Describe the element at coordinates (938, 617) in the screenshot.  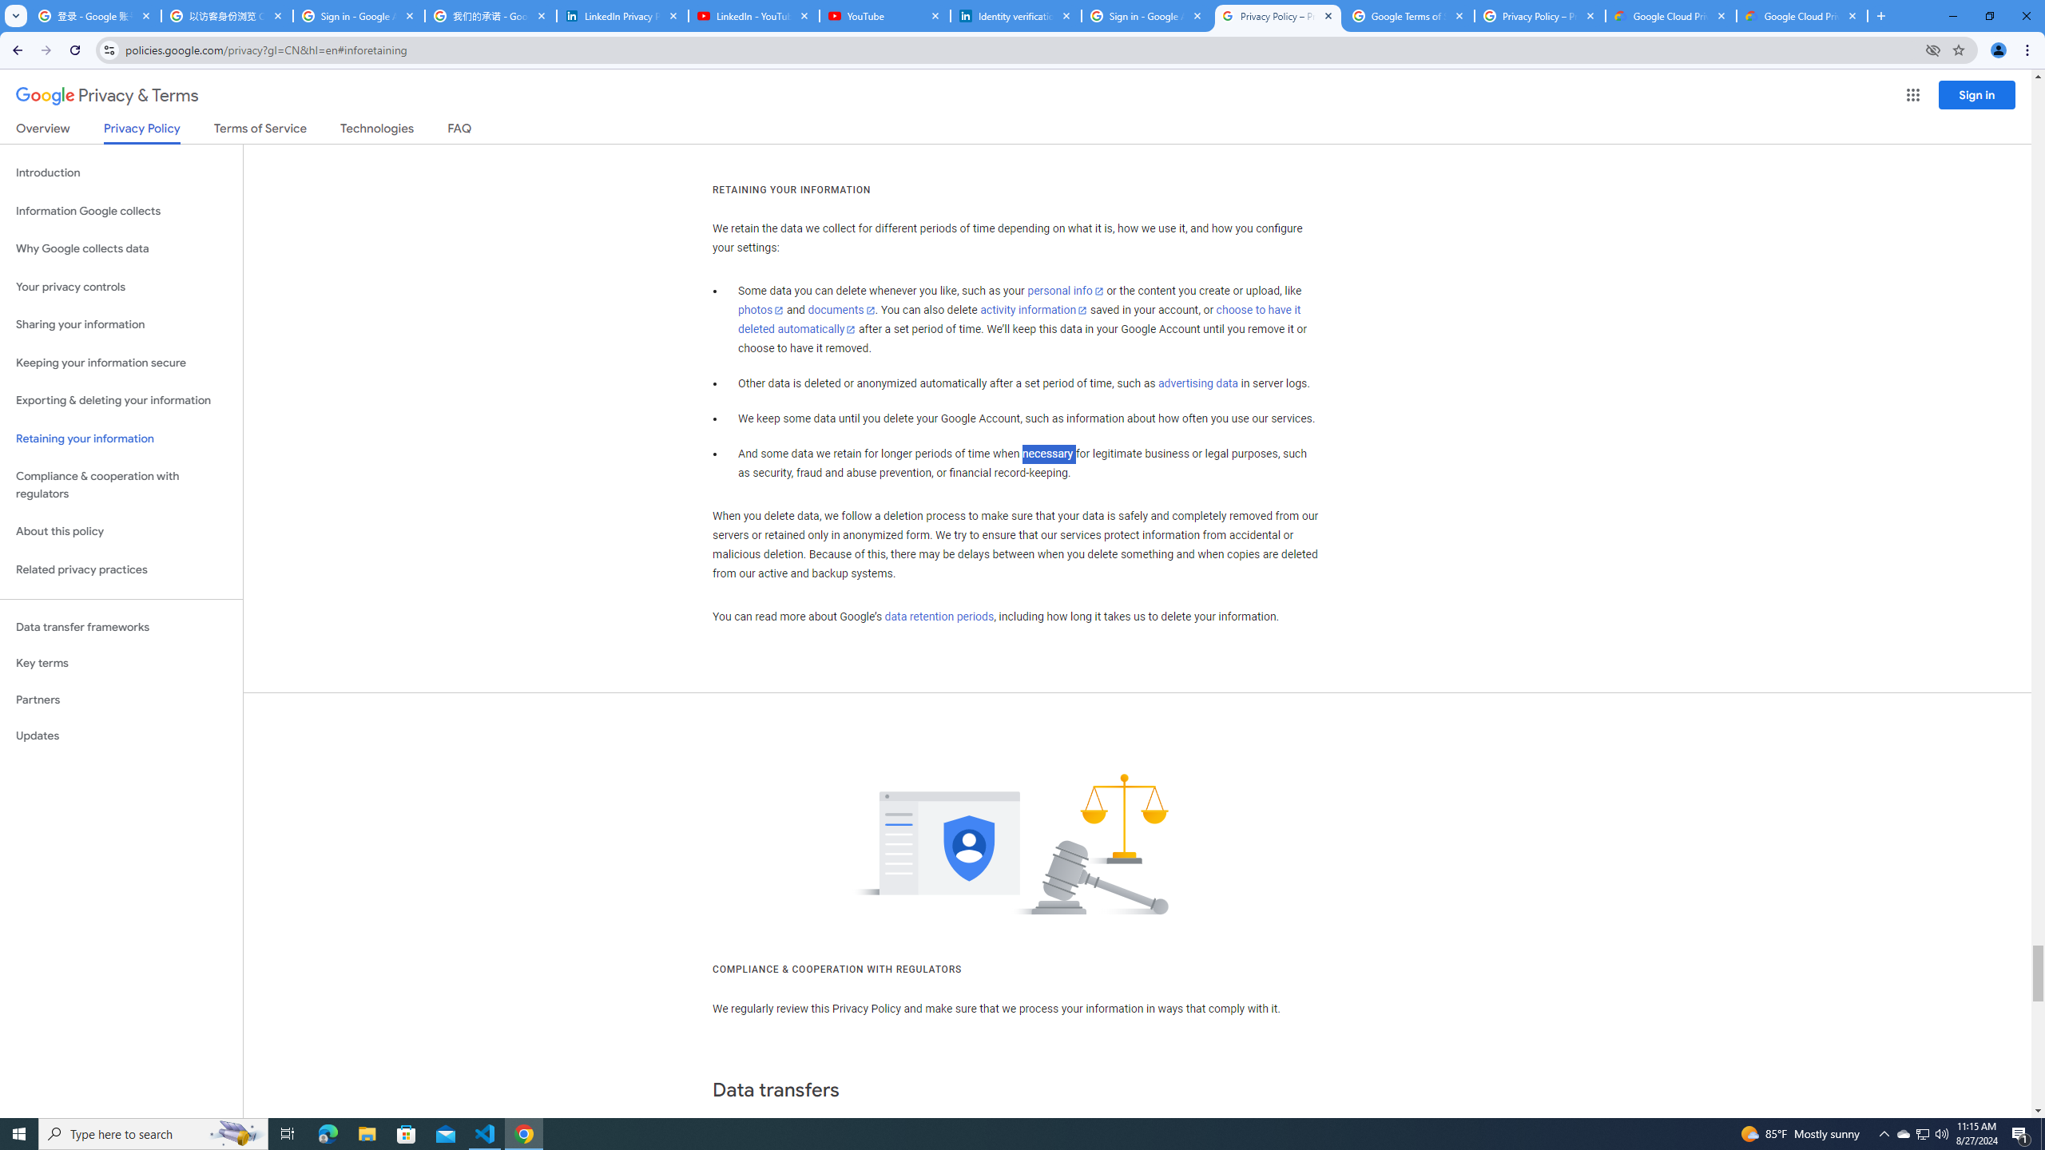
I see `'data retention periods'` at that location.